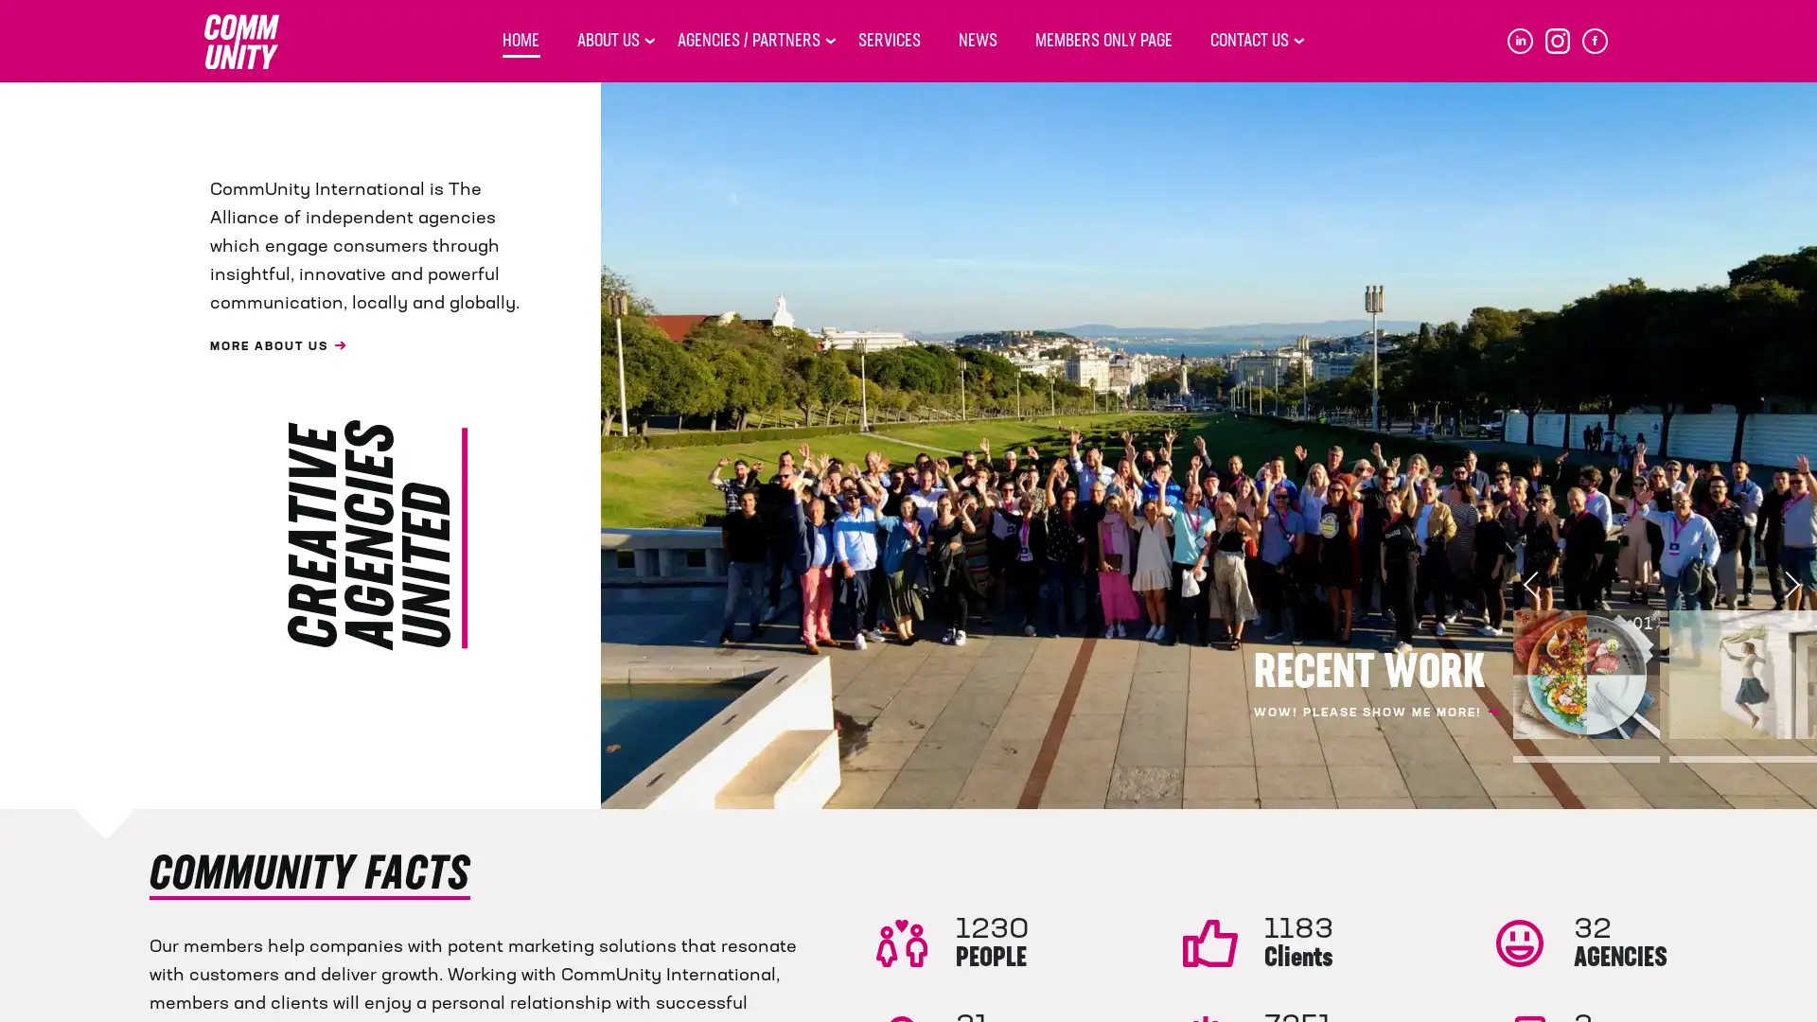 The height and width of the screenshot is (1022, 1817). Describe the element at coordinates (1789, 593) in the screenshot. I see `Next slide` at that location.